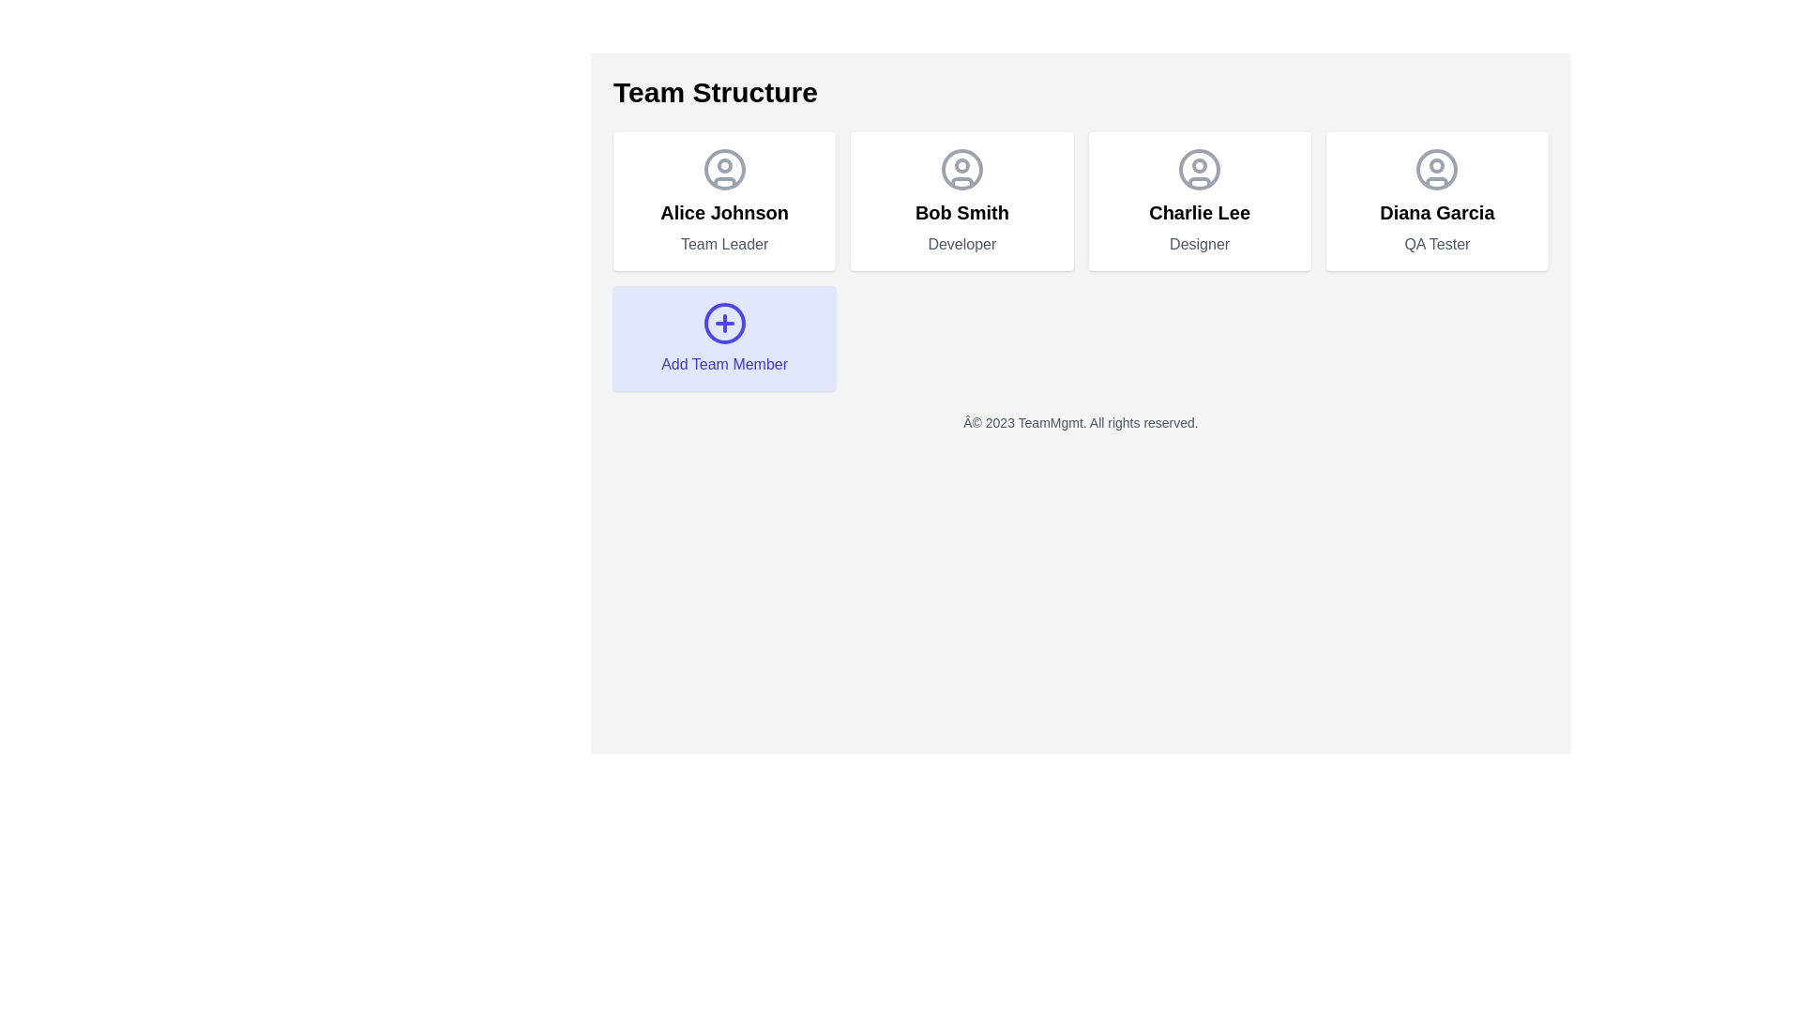 This screenshot has height=1013, width=1801. I want to click on the inner circular element of the user profile icon representing 'Bob Smith' in the second card of the 'Team Structure' section, so click(961, 165).